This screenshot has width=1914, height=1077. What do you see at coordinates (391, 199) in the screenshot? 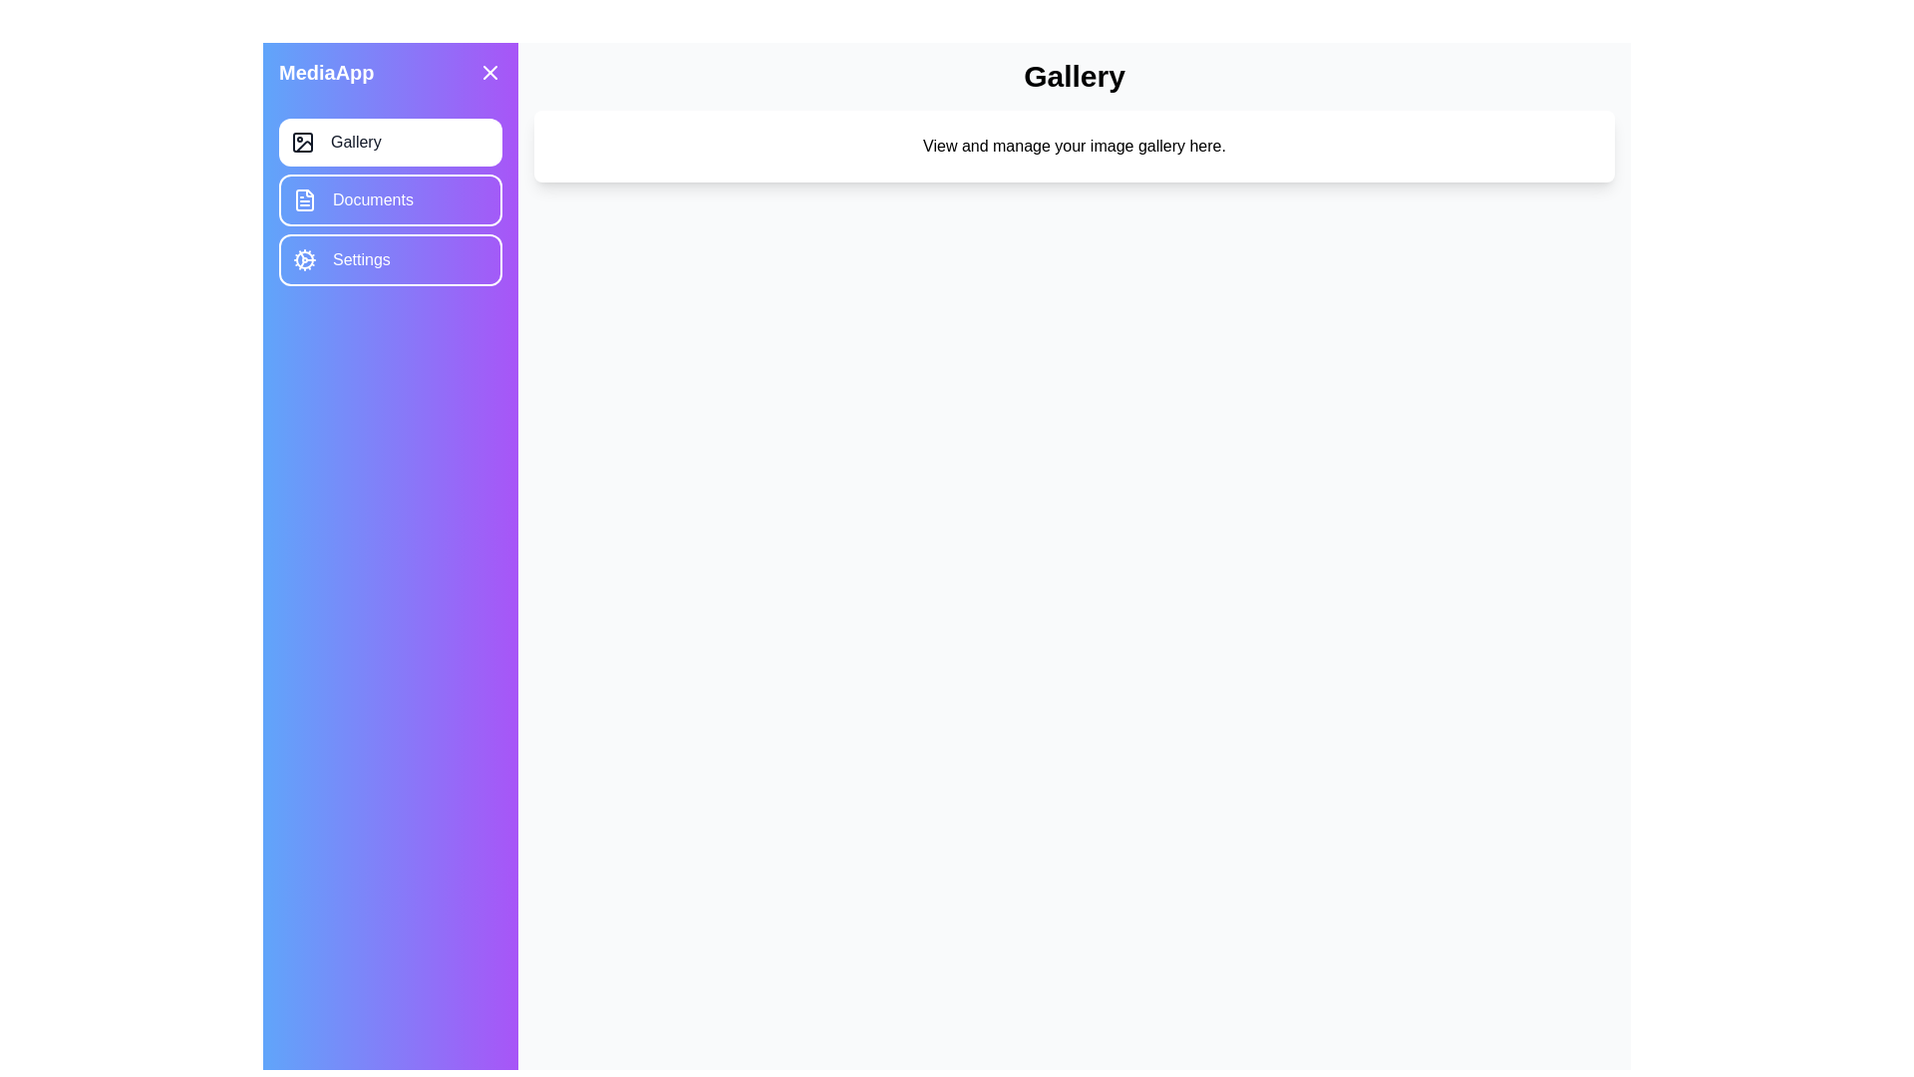
I see `the menu item corresponding to Documents` at bounding box center [391, 199].